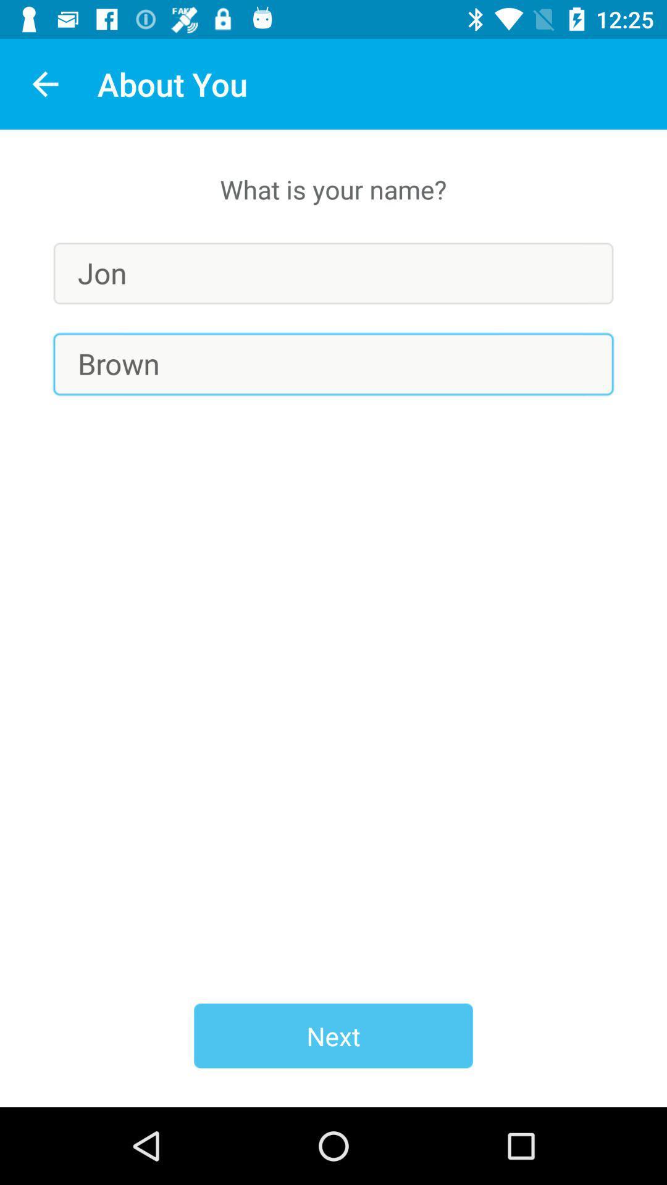 The width and height of the screenshot is (667, 1185). Describe the element at coordinates (333, 273) in the screenshot. I see `icon below what is your item` at that location.